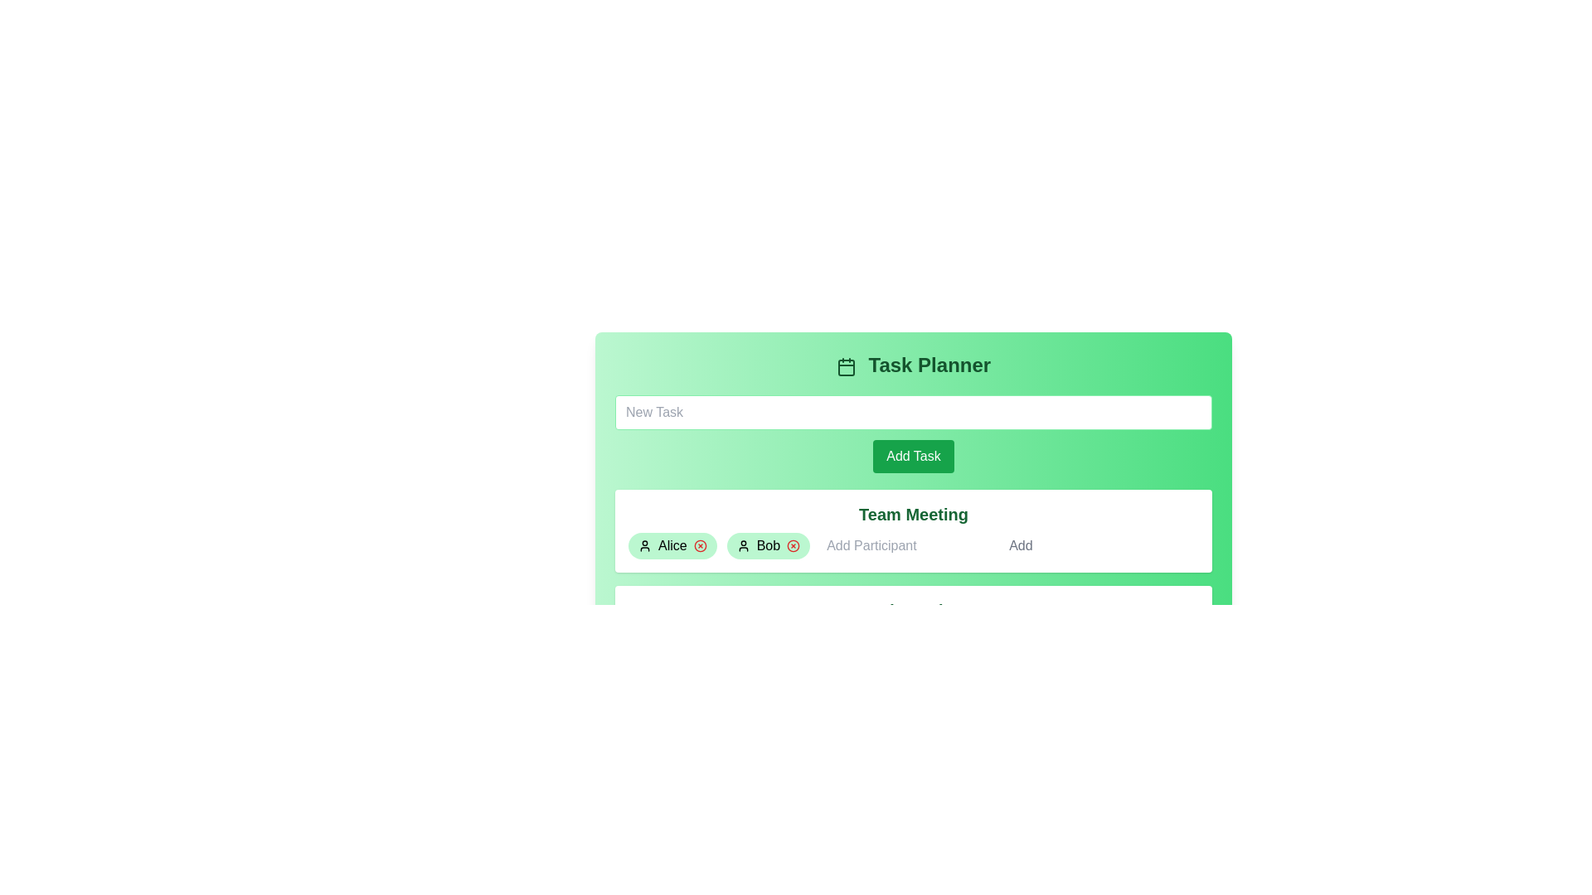 The image size is (1592, 895). Describe the element at coordinates (913, 514) in the screenshot. I see `the 'Team Meeting' text header, which is styled in bold green font and located within a white rounded rectangle, positioned below the 'Task Planner' header` at that location.